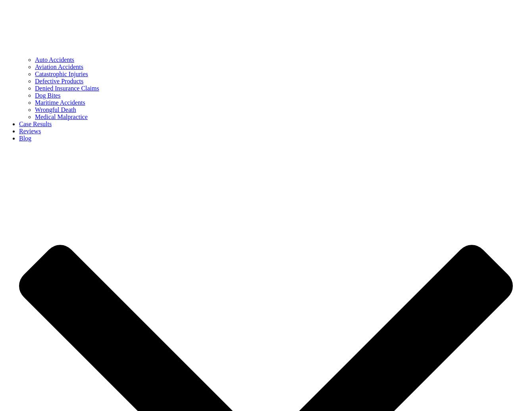 This screenshot has width=516, height=411. Describe the element at coordinates (47, 95) in the screenshot. I see `'Dog Bites'` at that location.